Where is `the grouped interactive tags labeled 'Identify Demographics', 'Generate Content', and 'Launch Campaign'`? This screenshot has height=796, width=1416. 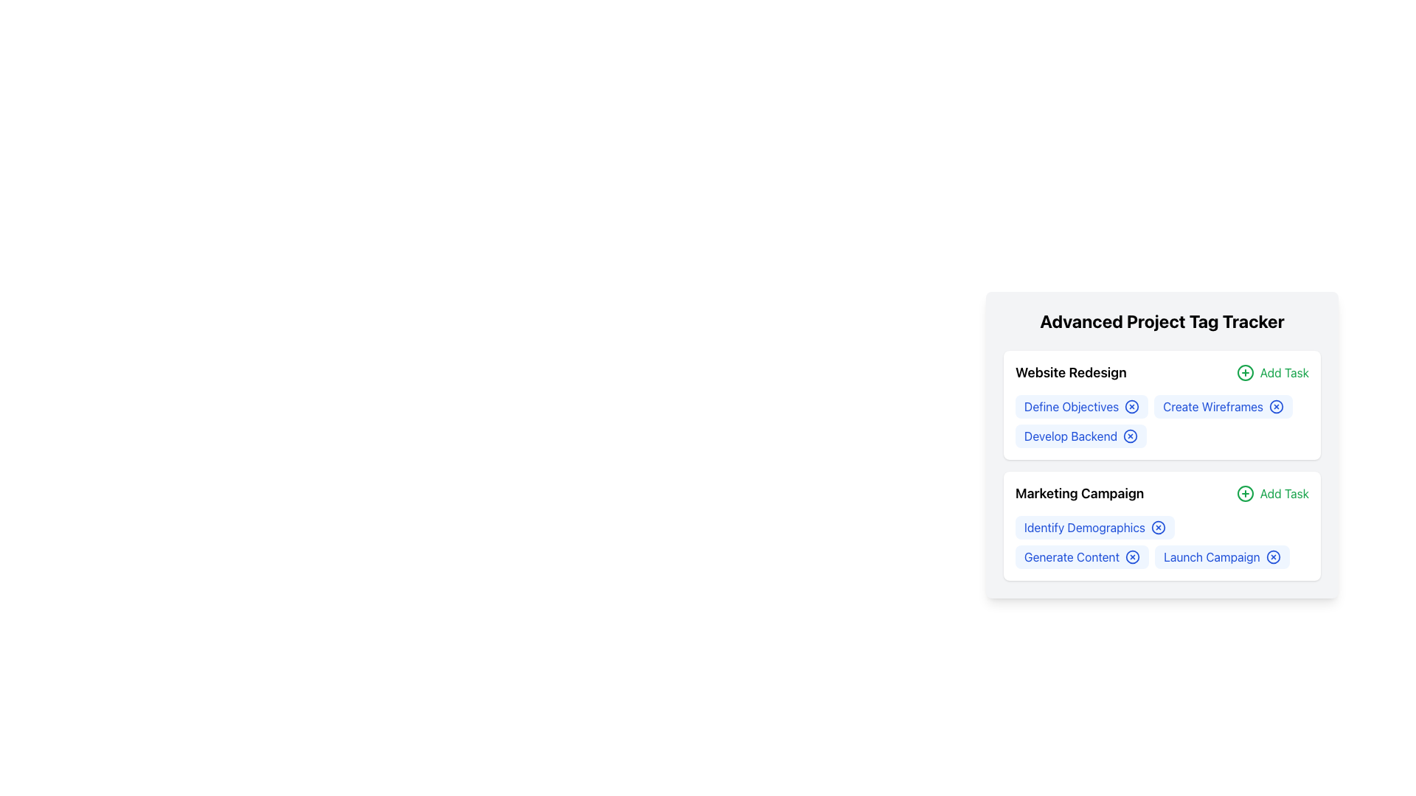 the grouped interactive tags labeled 'Identify Demographics', 'Generate Content', and 'Launch Campaign' is located at coordinates (1161, 542).